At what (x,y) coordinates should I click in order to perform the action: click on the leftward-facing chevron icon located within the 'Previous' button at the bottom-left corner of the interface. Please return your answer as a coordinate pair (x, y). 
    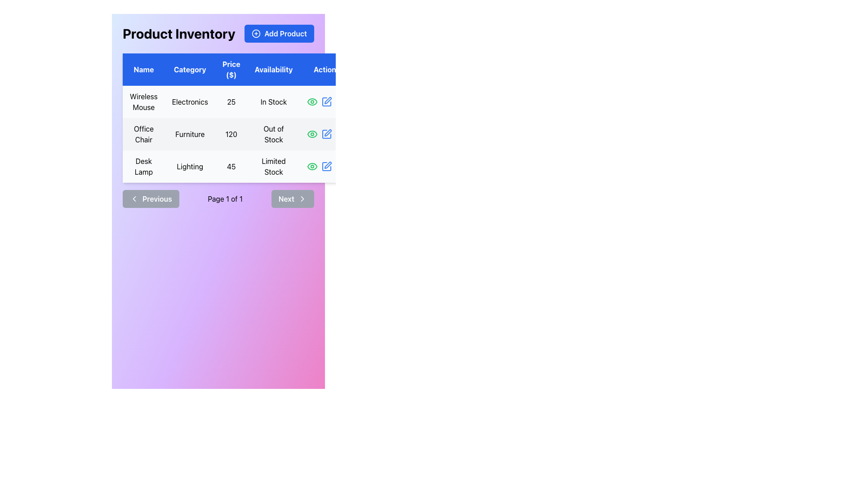
    Looking at the image, I should click on (133, 198).